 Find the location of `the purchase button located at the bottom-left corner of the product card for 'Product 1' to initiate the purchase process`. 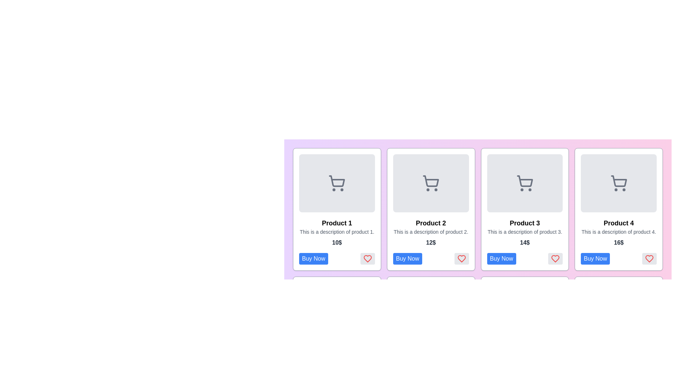

the purchase button located at the bottom-left corner of the product card for 'Product 1' to initiate the purchase process is located at coordinates (314, 258).